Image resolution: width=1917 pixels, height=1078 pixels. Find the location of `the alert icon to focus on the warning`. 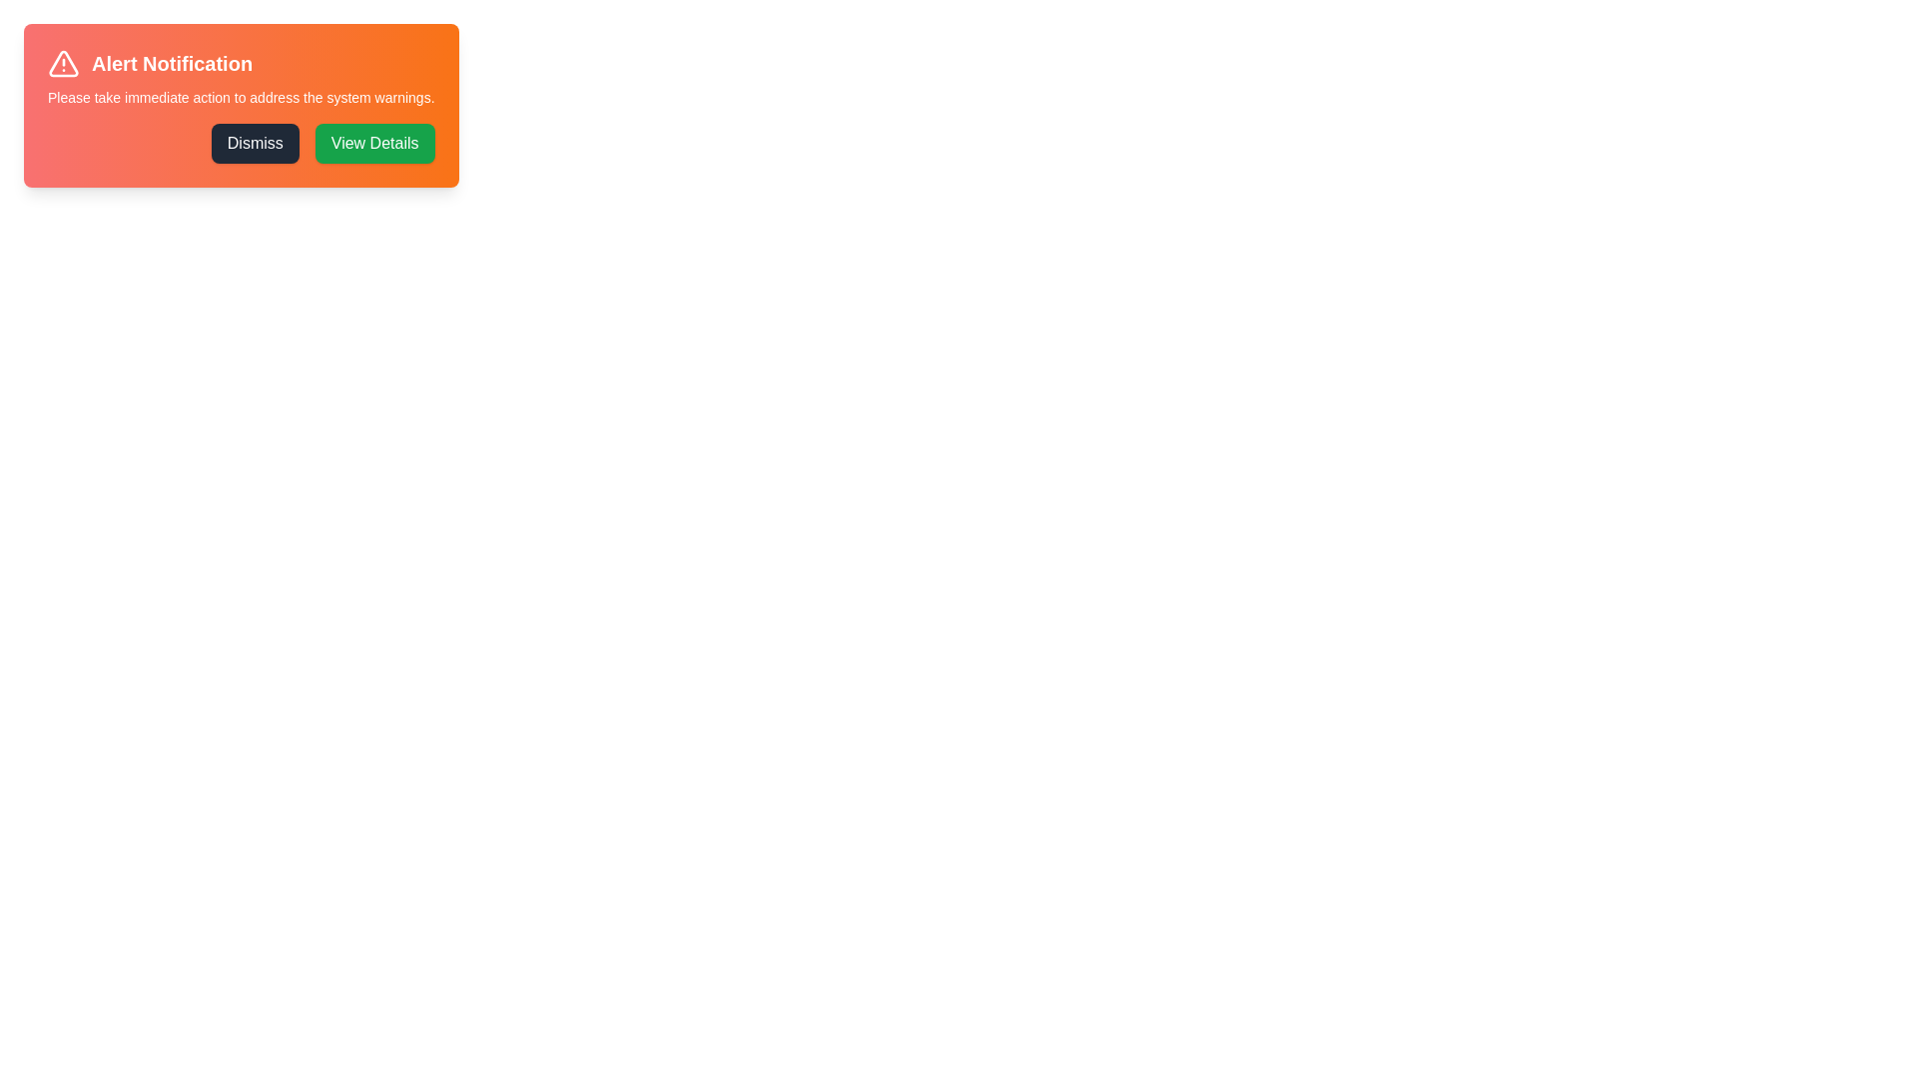

the alert icon to focus on the warning is located at coordinates (63, 63).